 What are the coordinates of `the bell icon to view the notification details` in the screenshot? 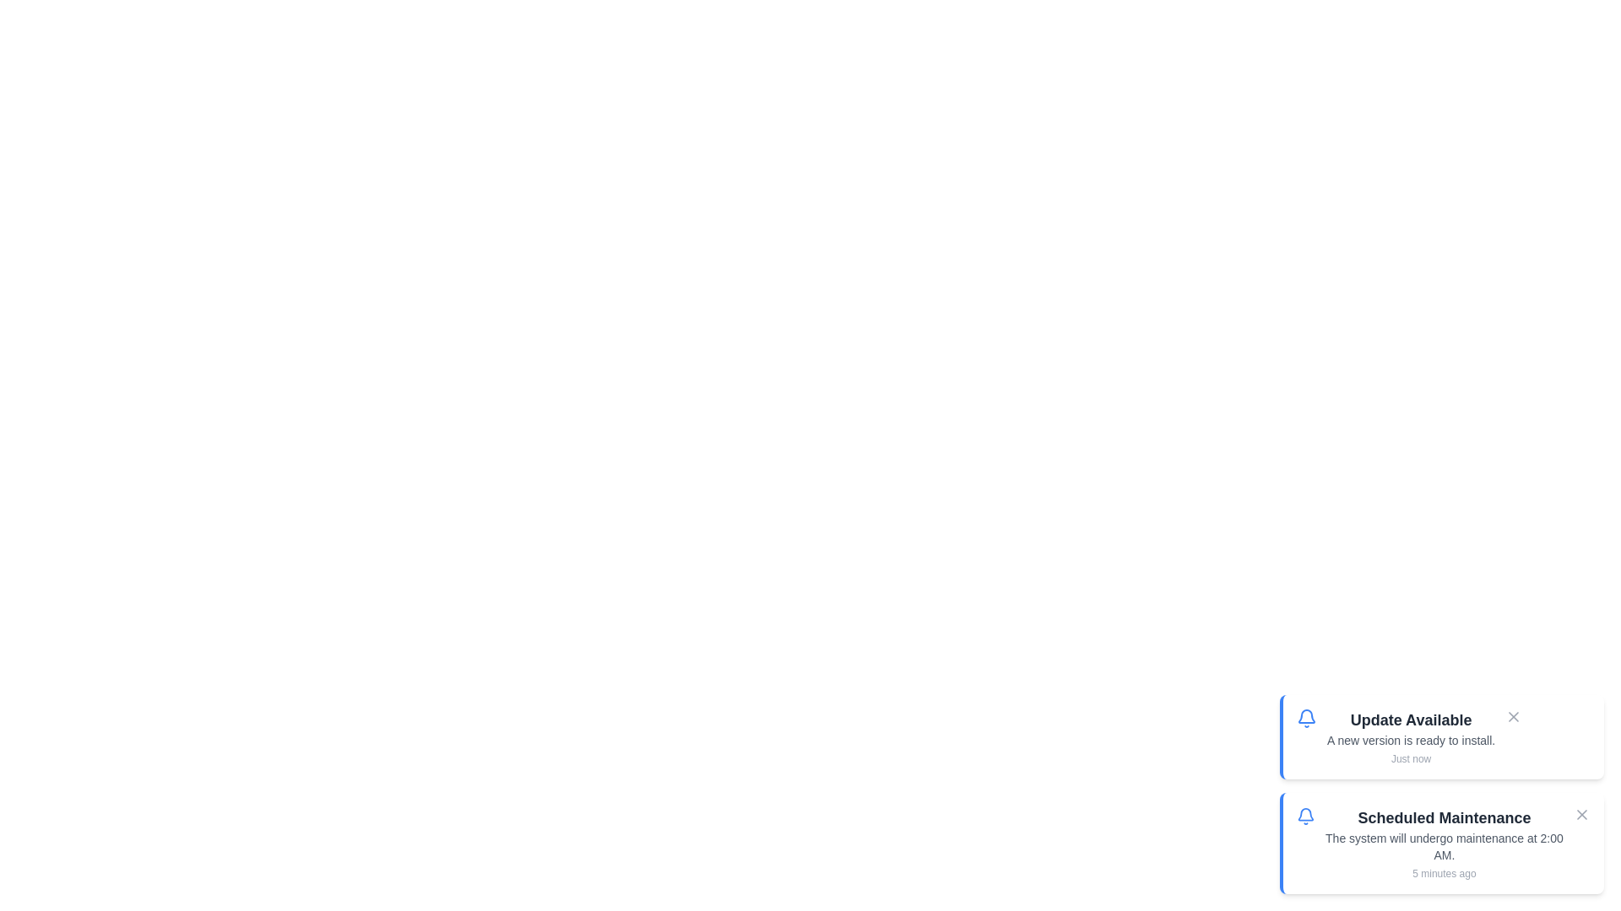 It's located at (1306, 719).